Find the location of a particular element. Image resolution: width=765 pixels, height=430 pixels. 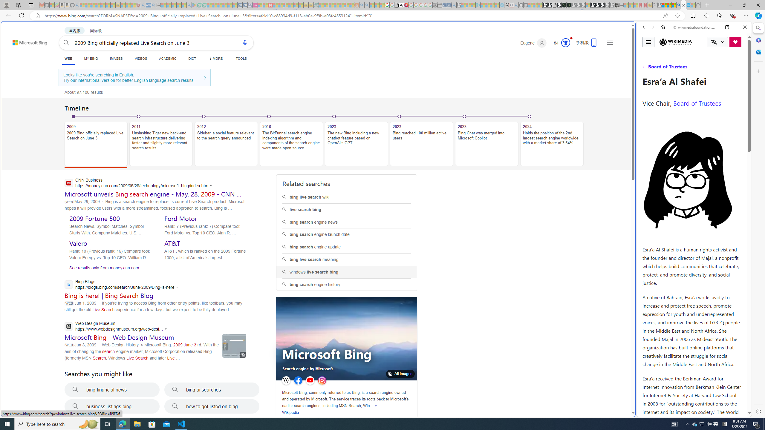

'Microsoft Bing - Web Design Museum' is located at coordinates (119, 337).